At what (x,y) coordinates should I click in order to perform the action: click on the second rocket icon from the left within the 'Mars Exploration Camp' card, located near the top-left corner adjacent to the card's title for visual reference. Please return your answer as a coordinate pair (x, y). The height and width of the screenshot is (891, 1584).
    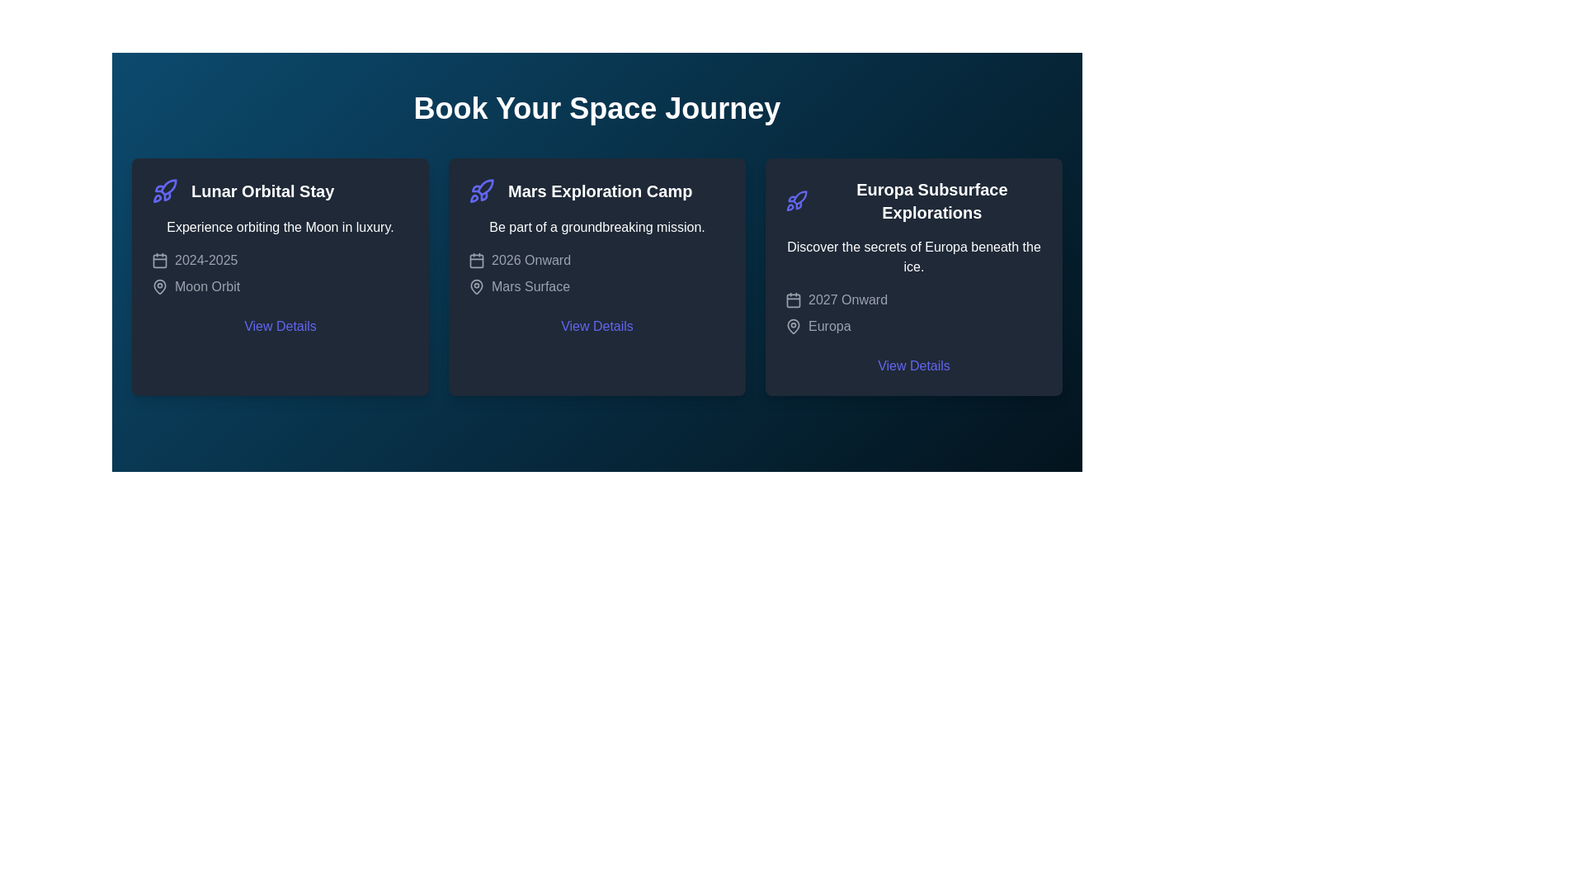
    Looking at the image, I should click on (484, 186).